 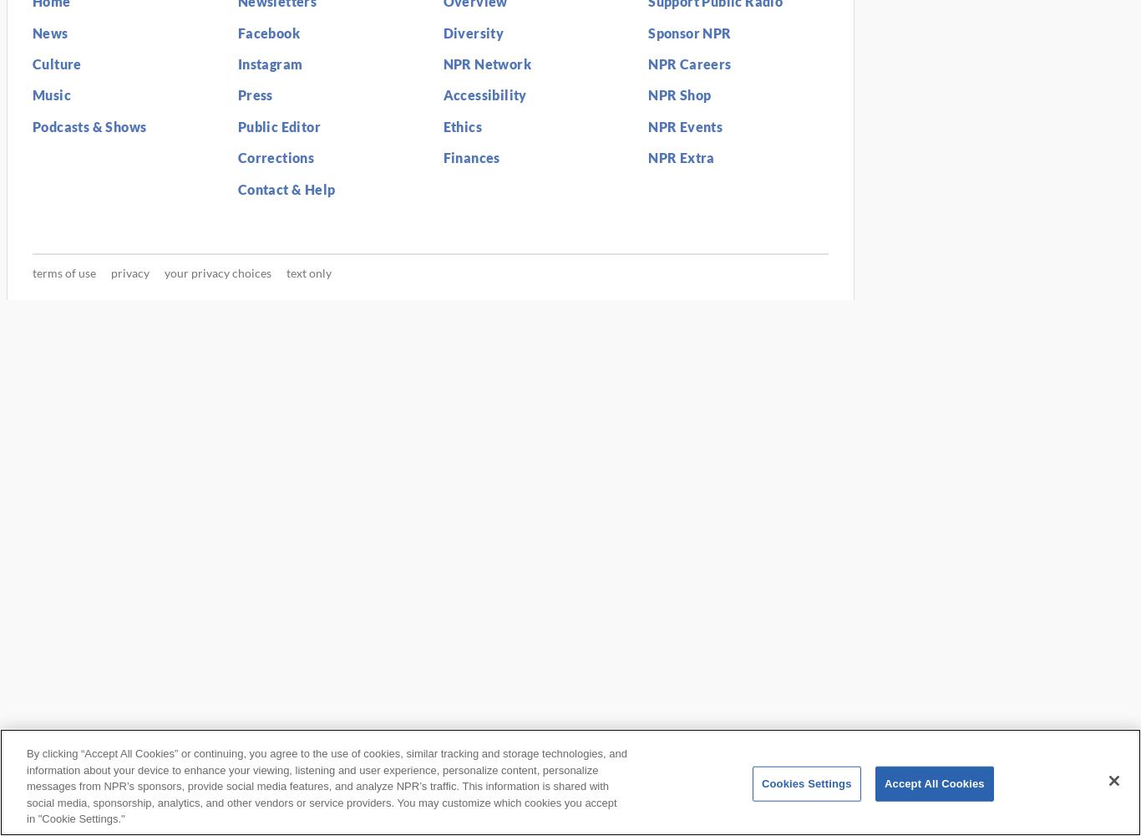 I want to click on 'Corrections', so click(x=236, y=157).